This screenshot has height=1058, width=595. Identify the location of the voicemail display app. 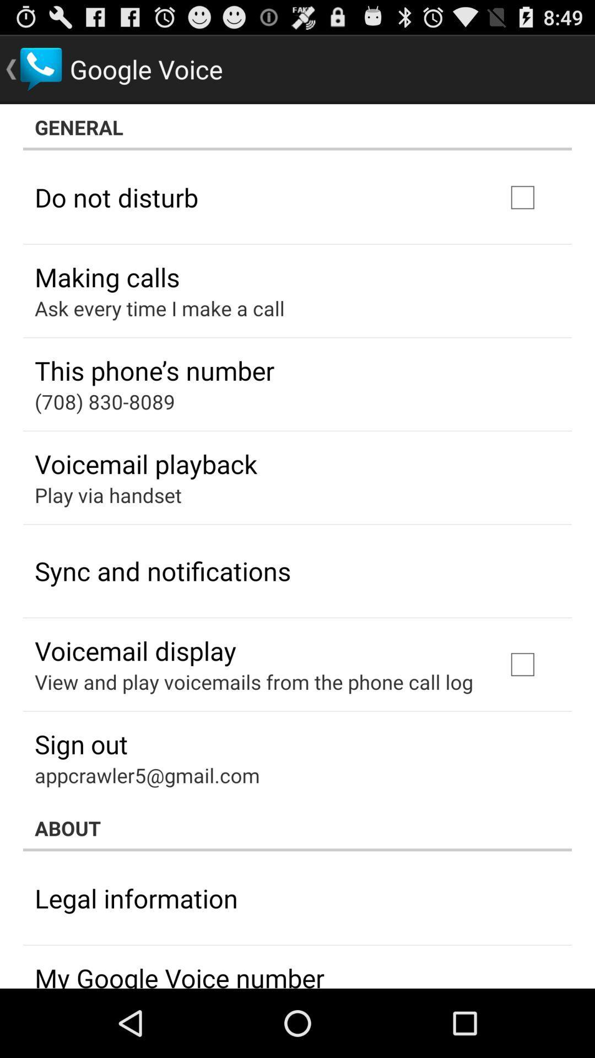
(135, 650).